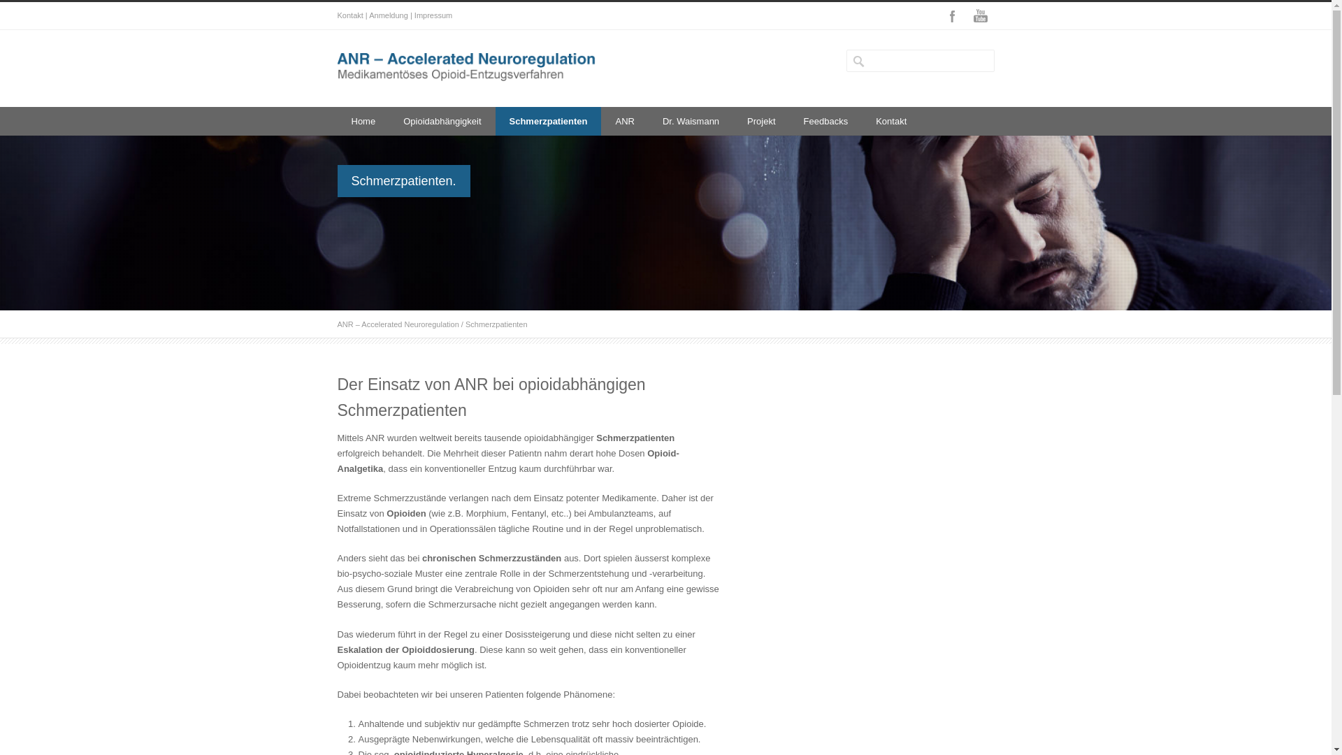 The width and height of the screenshot is (1342, 755). What do you see at coordinates (825, 120) in the screenshot?
I see `'Feedbacks'` at bounding box center [825, 120].